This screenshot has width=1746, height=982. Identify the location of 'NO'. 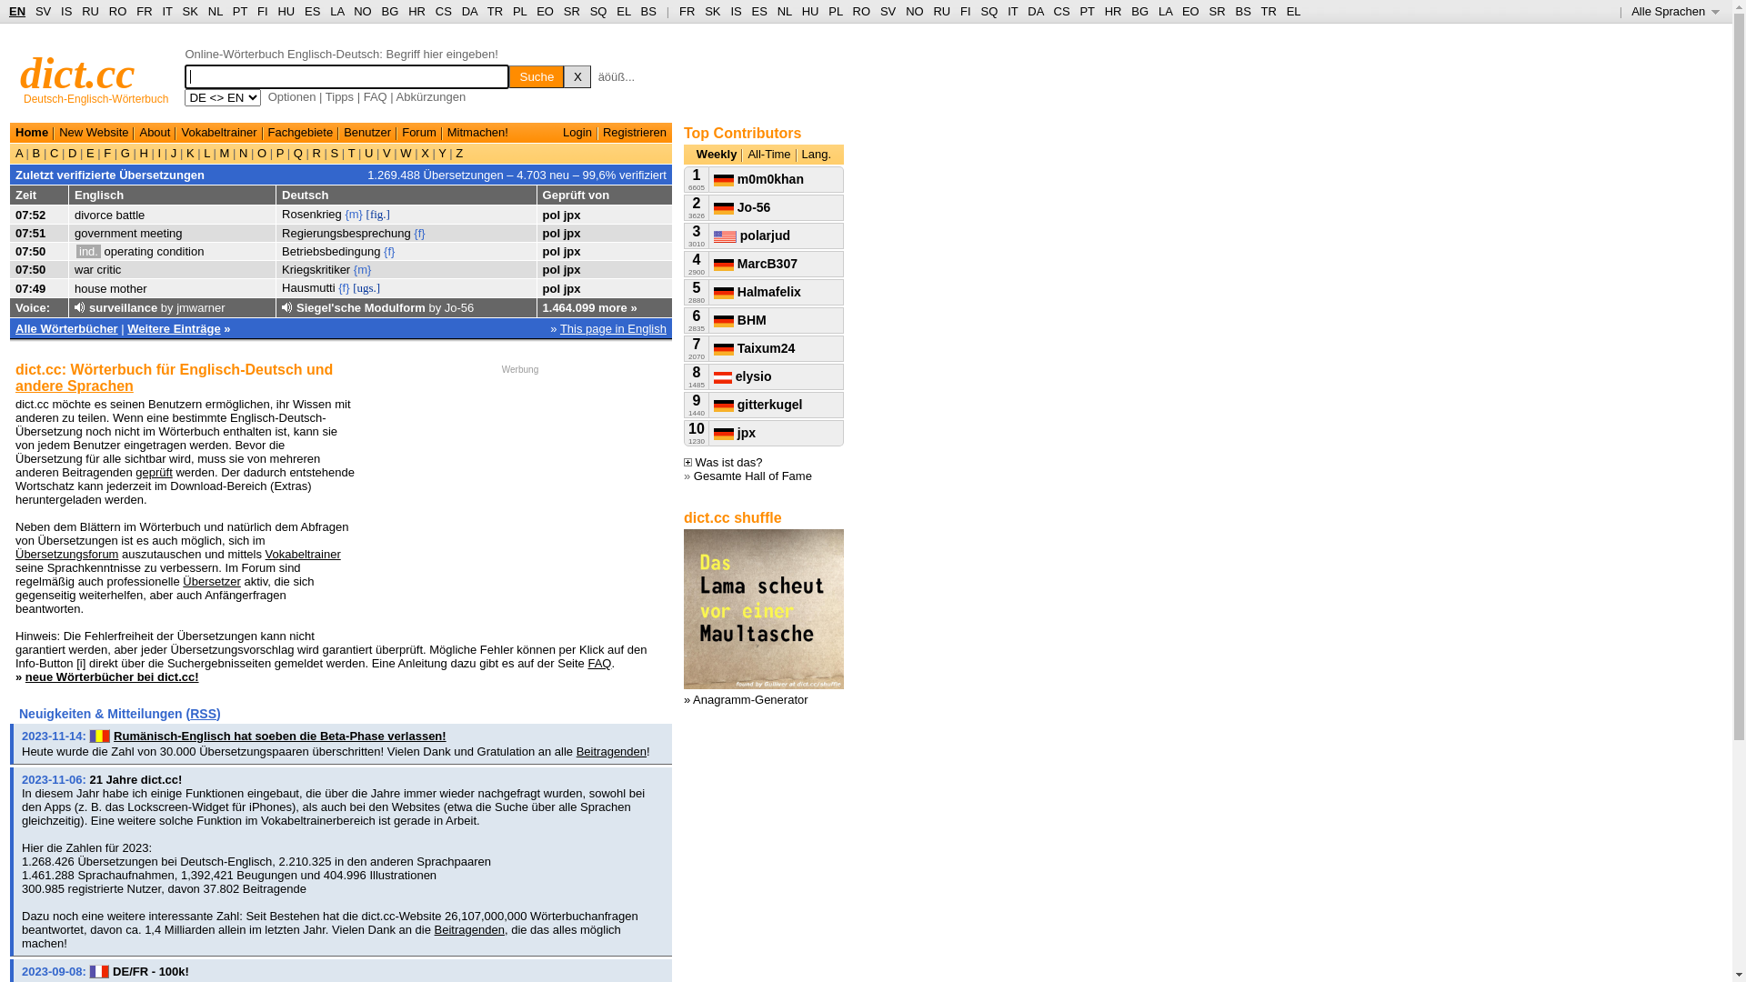
(915, 11).